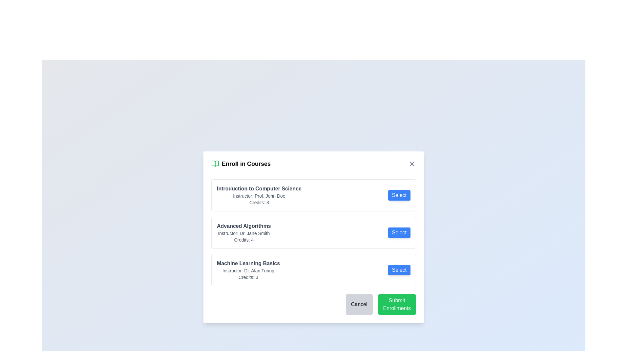  Describe the element at coordinates (412, 163) in the screenshot. I see `the close button icon located in the top-right corner of the 'Enroll in Courses' modal window` at that location.